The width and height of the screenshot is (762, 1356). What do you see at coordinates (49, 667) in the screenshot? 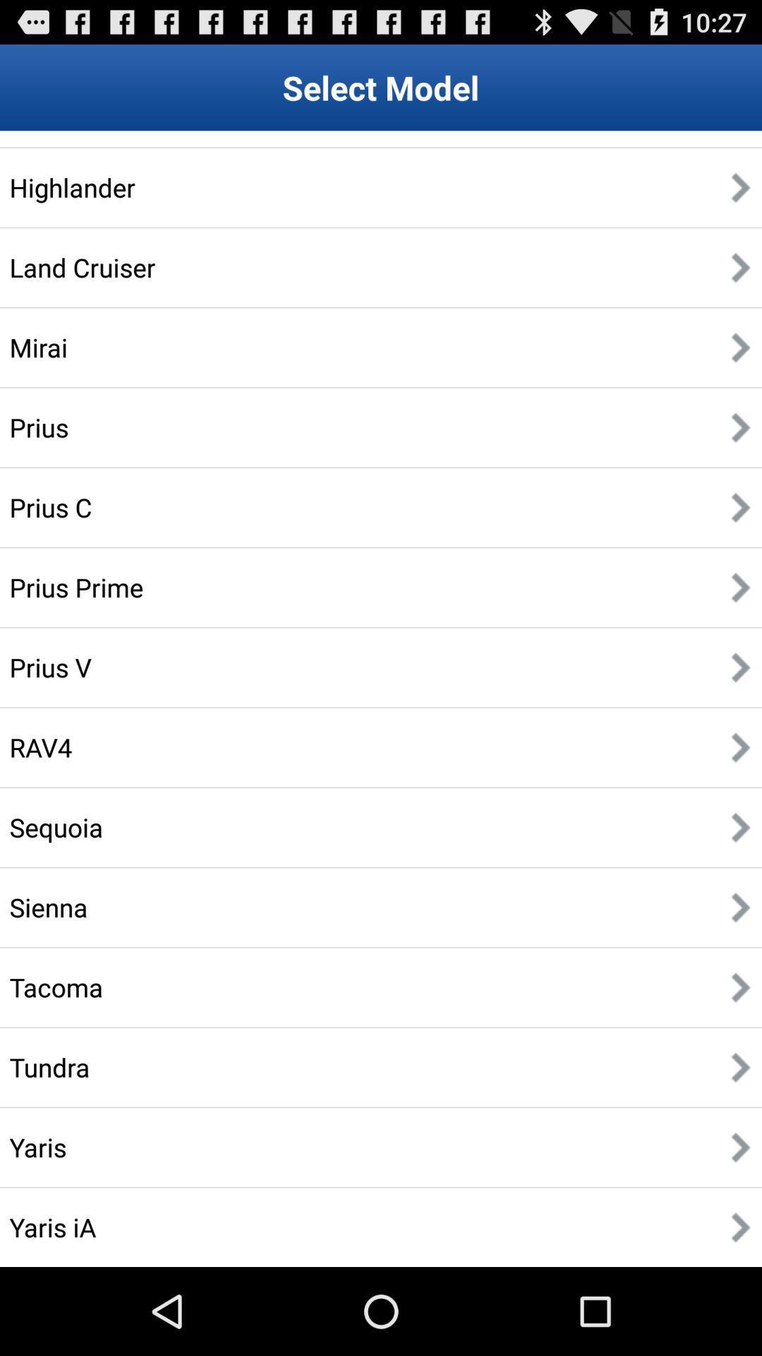
I see `the icon above rav4 icon` at bounding box center [49, 667].